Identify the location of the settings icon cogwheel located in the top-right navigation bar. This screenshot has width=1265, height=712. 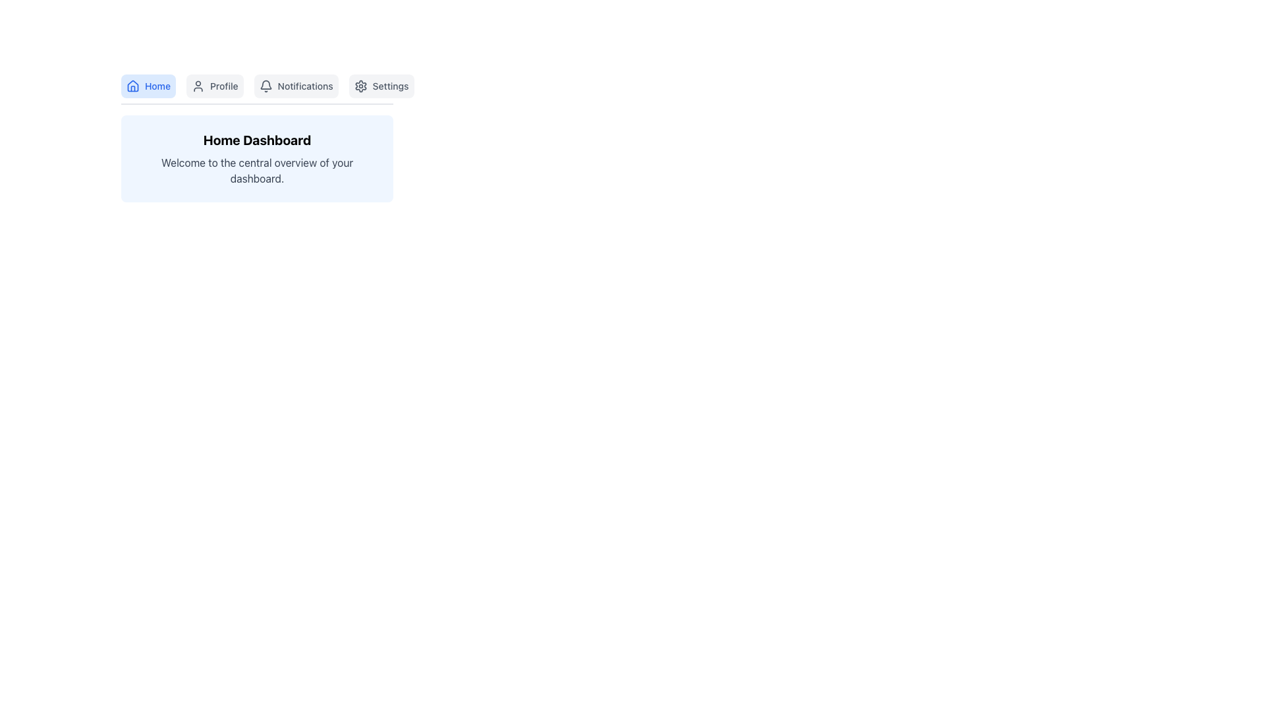
(360, 86).